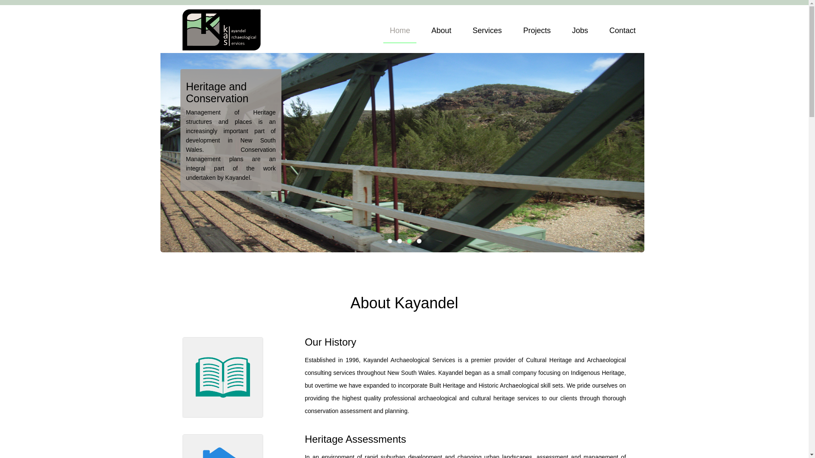 Image resolution: width=815 pixels, height=458 pixels. What do you see at coordinates (389, 241) in the screenshot?
I see `'1'` at bounding box center [389, 241].